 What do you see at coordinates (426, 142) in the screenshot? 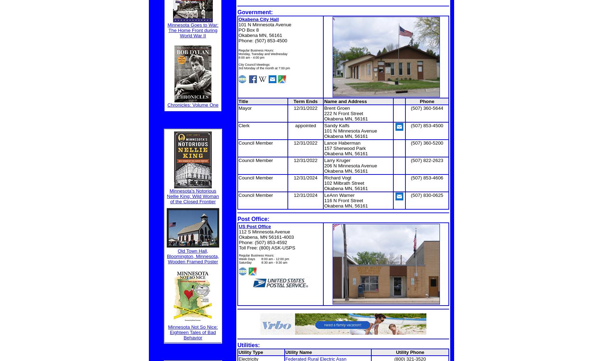
I see `'(507) 
				360-5200'` at bounding box center [426, 142].